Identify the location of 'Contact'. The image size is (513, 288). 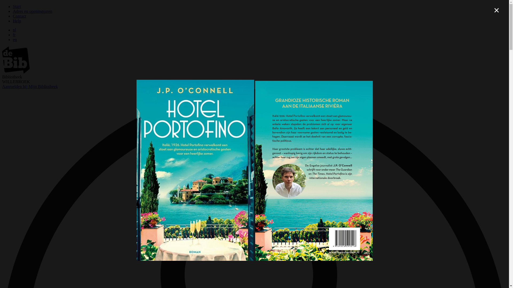
(13, 16).